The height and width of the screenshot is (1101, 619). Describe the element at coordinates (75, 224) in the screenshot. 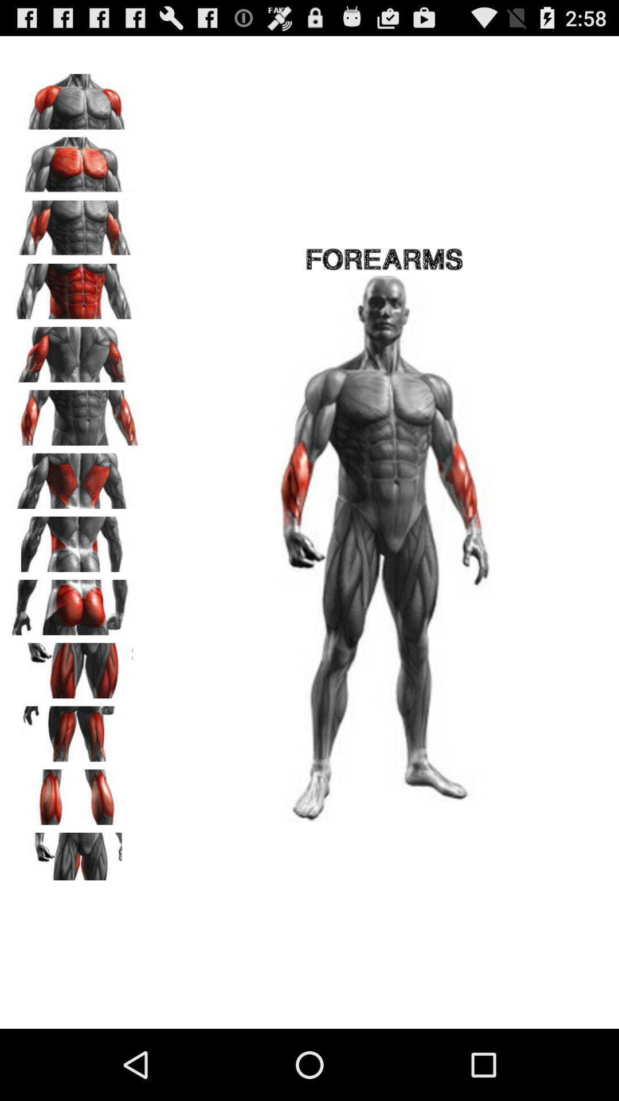

I see `zoom in on area` at that location.